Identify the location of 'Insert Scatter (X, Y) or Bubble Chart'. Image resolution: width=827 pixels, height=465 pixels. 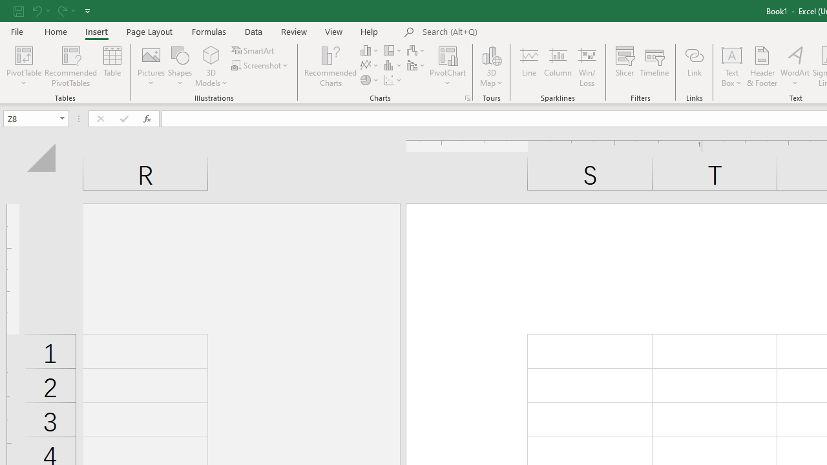
(393, 80).